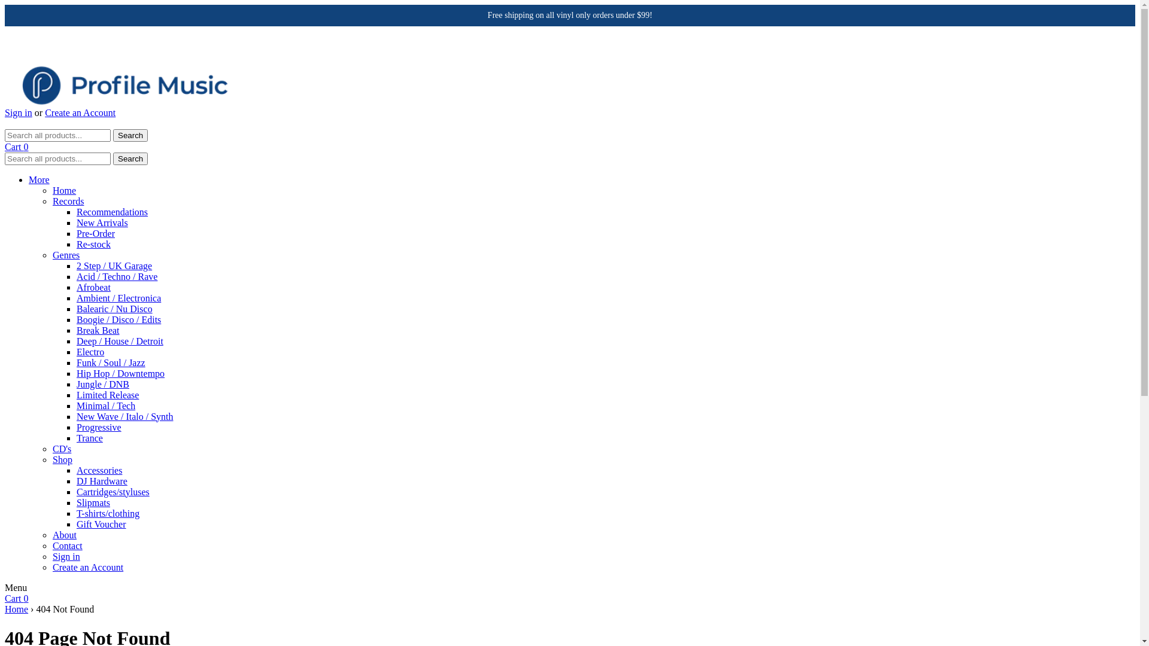 The image size is (1149, 646). What do you see at coordinates (76, 523) in the screenshot?
I see `'Gift Voucher'` at bounding box center [76, 523].